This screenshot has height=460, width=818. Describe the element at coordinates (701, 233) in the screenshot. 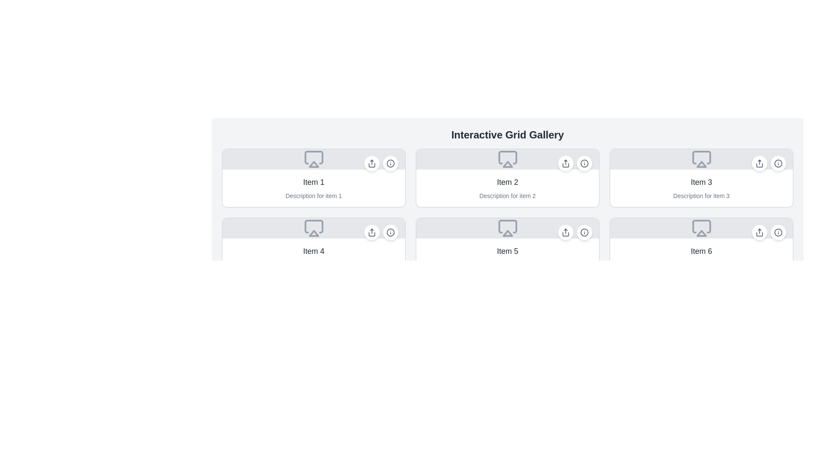

I see `the triangular-shaped icon located at the top-center of the 'Item 6' cell in the bottom row of the grid layout` at that location.